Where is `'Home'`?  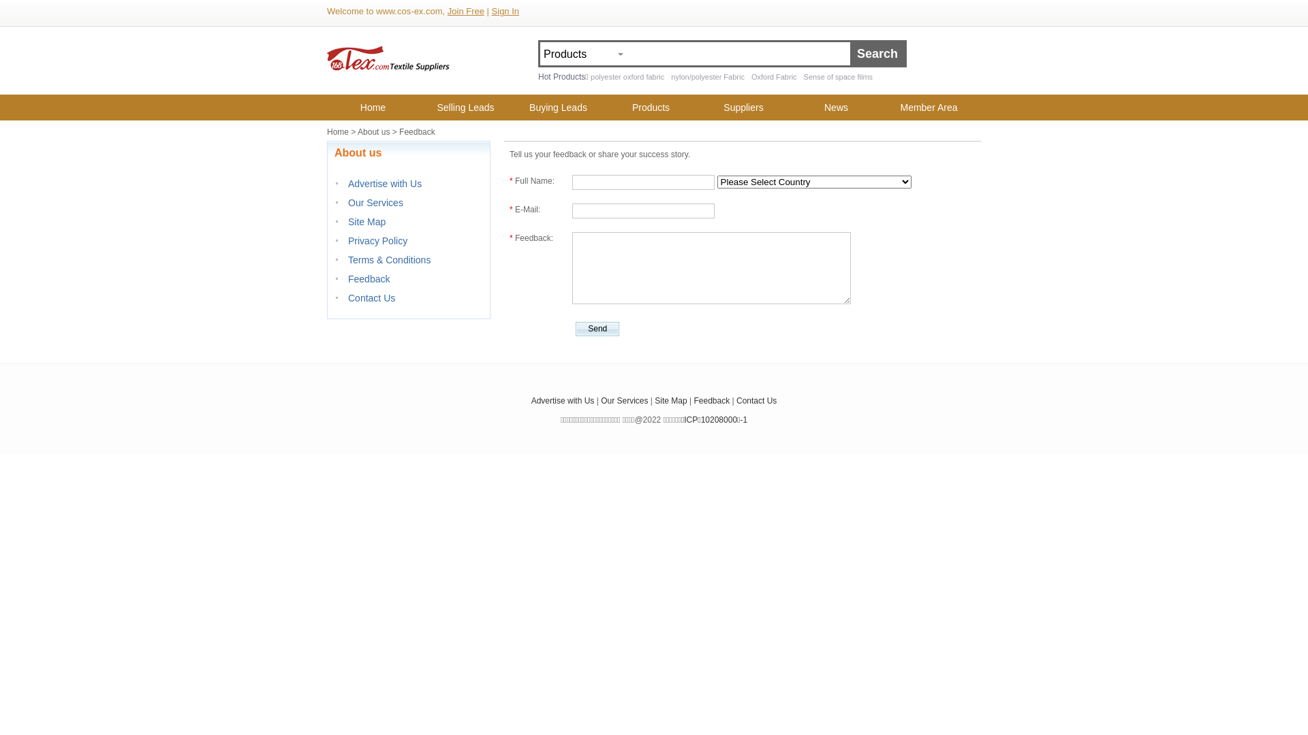
'Home' is located at coordinates (337, 131).